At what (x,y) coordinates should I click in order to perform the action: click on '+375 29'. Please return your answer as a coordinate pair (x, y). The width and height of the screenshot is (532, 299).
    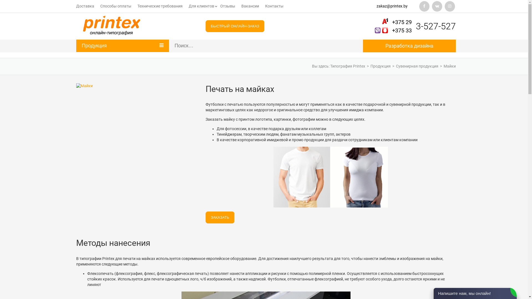
    Looking at the image, I should click on (402, 22).